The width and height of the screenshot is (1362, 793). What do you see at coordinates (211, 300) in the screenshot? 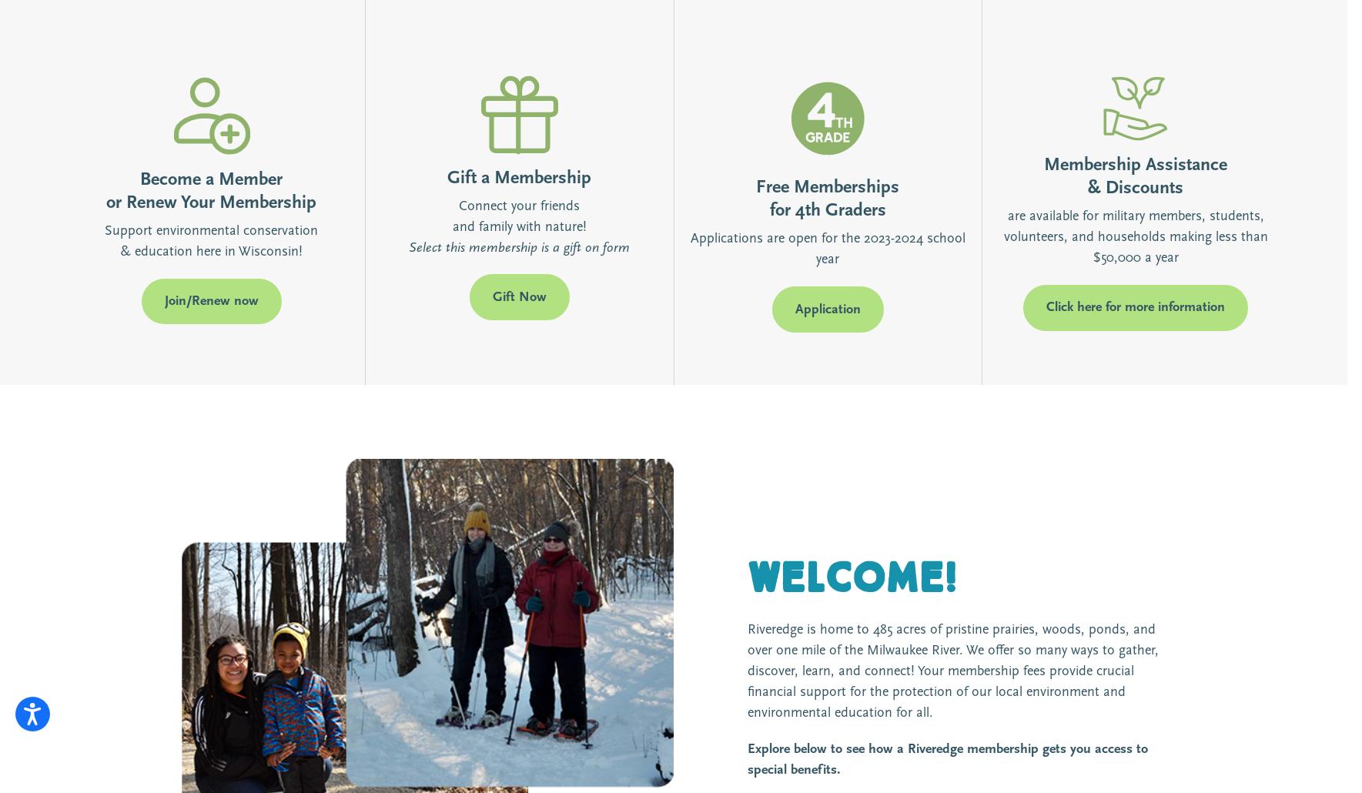
I see `'Join/Renew now'` at bounding box center [211, 300].